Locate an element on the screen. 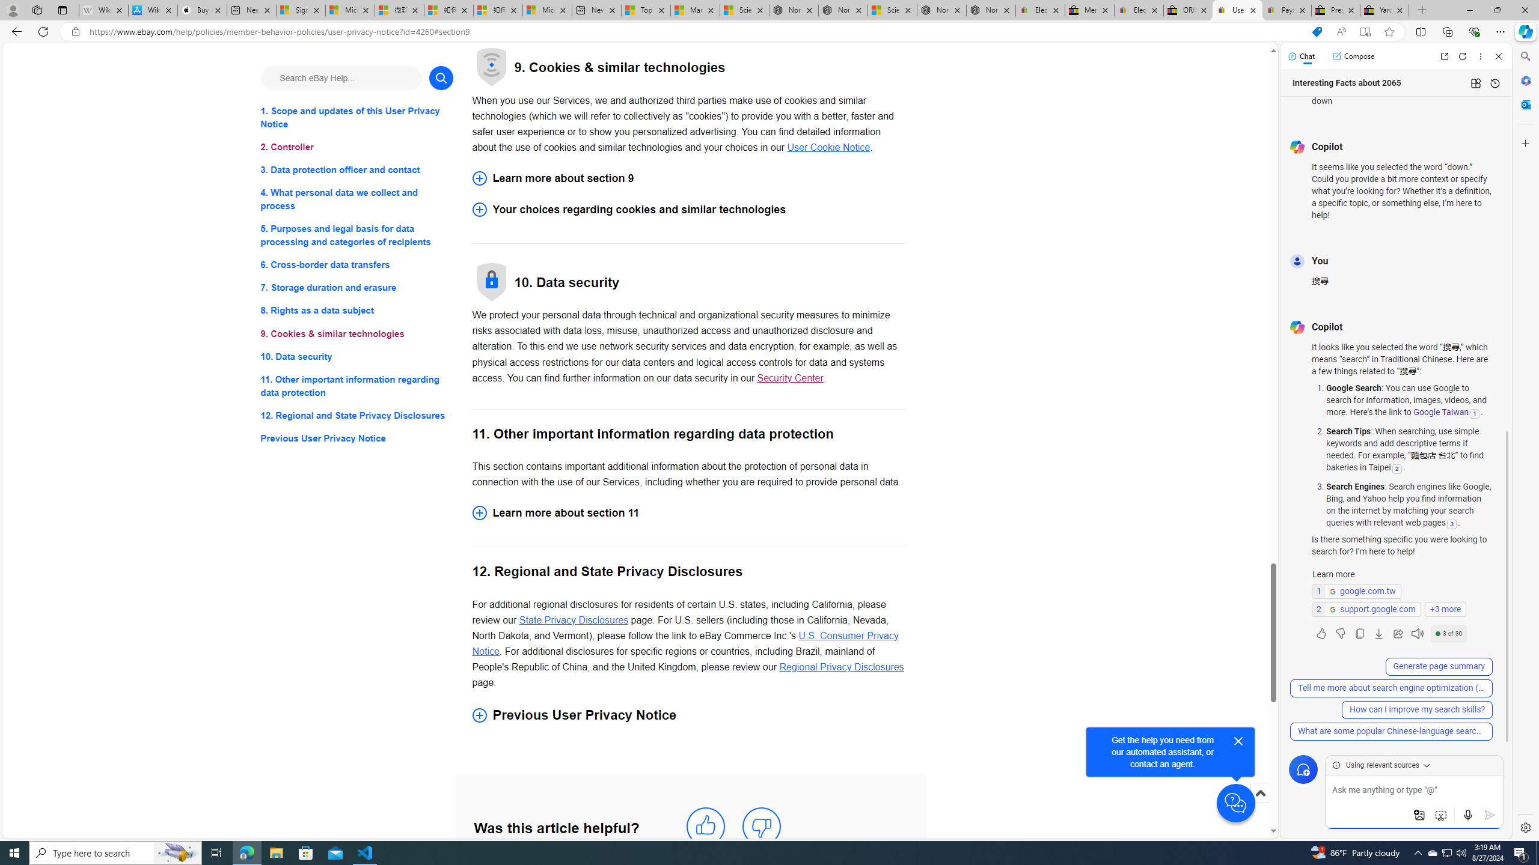 The width and height of the screenshot is (1539, 865). 'mark this article not helpful' is located at coordinates (762, 826).